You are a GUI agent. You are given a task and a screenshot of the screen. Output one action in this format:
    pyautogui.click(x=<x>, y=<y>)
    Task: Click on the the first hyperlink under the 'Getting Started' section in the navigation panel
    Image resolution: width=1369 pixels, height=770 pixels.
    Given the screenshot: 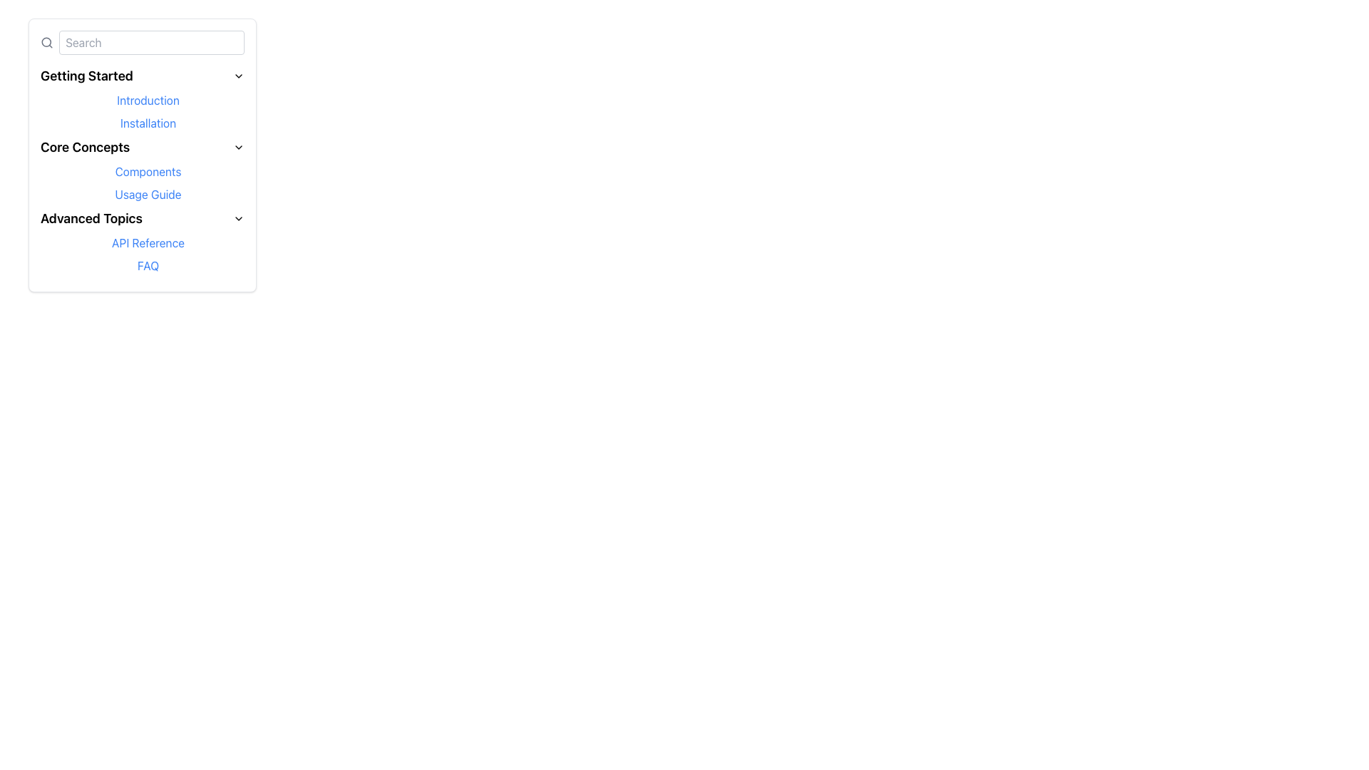 What is the action you would take?
    pyautogui.click(x=148, y=100)
    